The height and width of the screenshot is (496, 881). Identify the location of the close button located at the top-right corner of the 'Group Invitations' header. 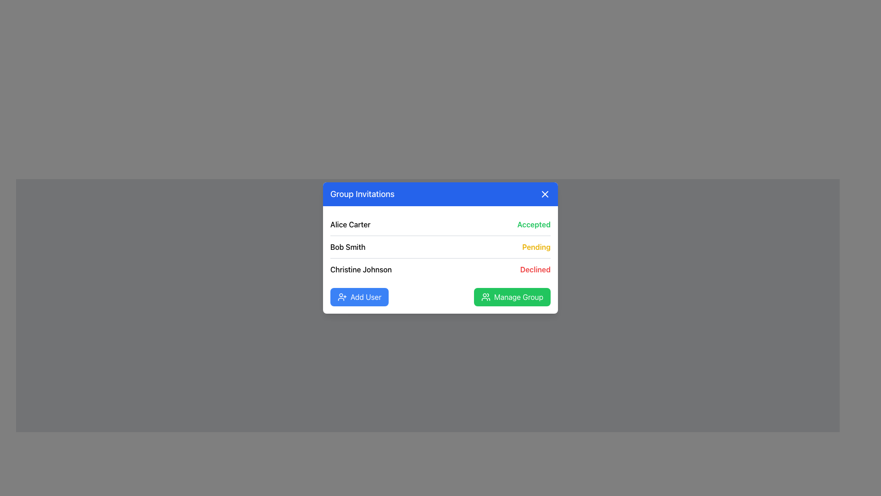
(545, 194).